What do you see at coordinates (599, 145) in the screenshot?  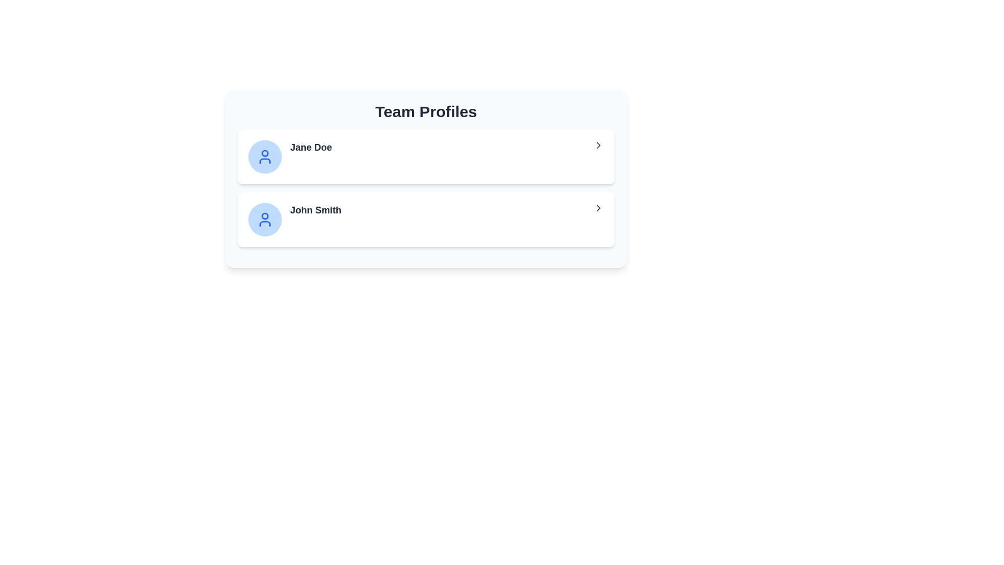 I see `the chevron symbol in the first profile card of the 'Team Profiles' section, located next to 'Jane Doe'` at bounding box center [599, 145].